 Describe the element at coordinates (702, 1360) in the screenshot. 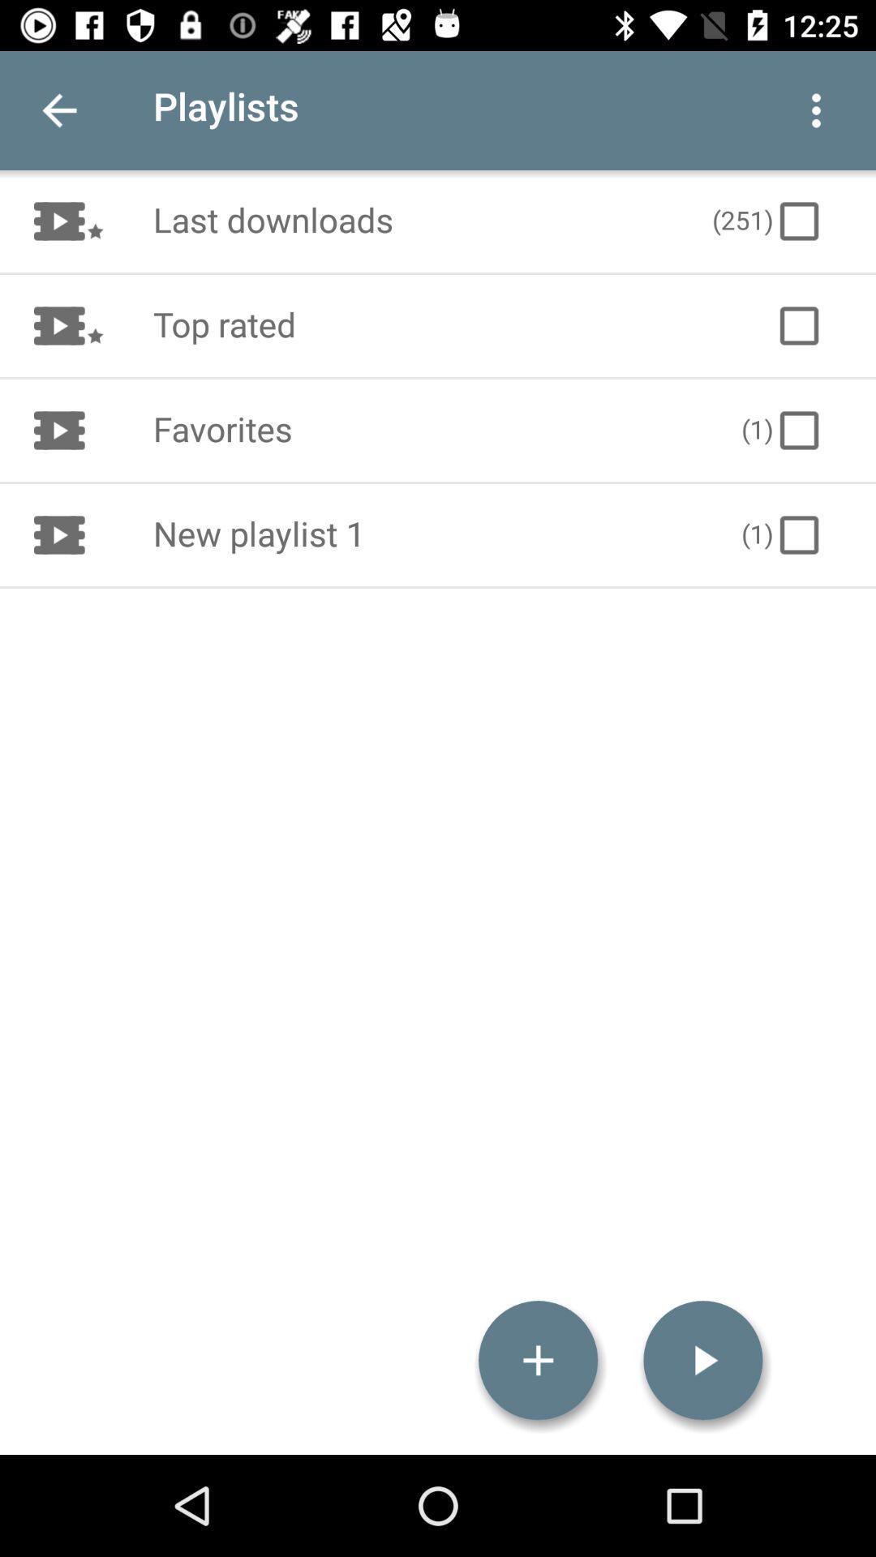

I see `icon at the bottom right corner` at that location.